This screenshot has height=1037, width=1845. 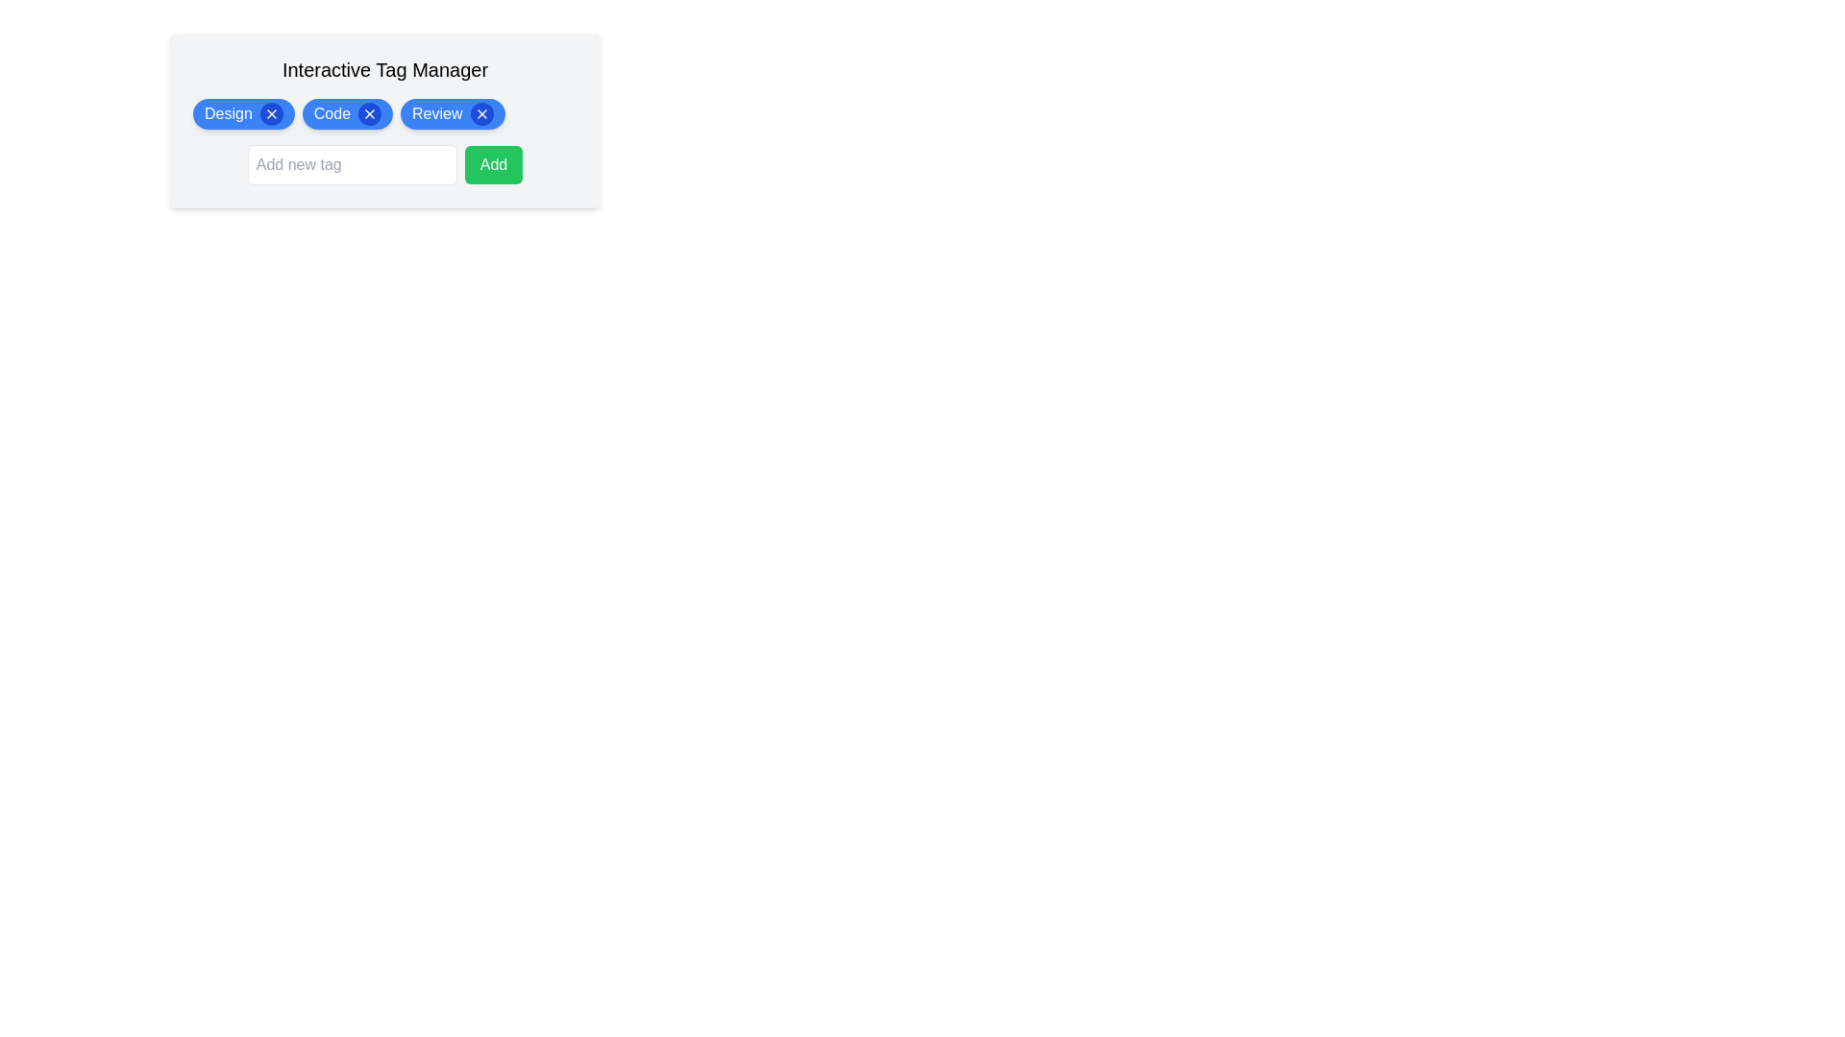 I want to click on the blue rounded button with an 'X' icon, so click(x=370, y=114).